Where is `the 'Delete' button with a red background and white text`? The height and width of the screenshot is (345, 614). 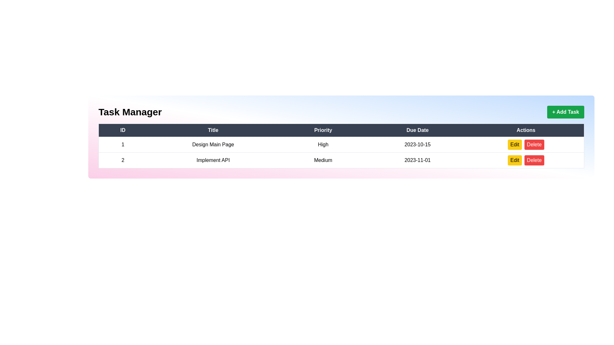
the 'Delete' button with a red background and white text is located at coordinates (534, 144).